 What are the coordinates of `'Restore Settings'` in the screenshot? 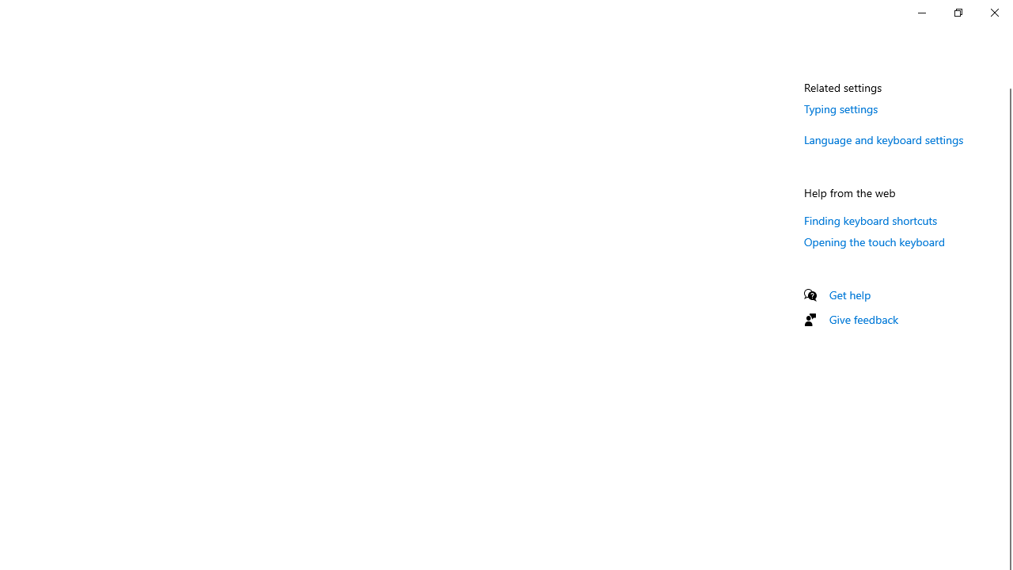 It's located at (957, 12).